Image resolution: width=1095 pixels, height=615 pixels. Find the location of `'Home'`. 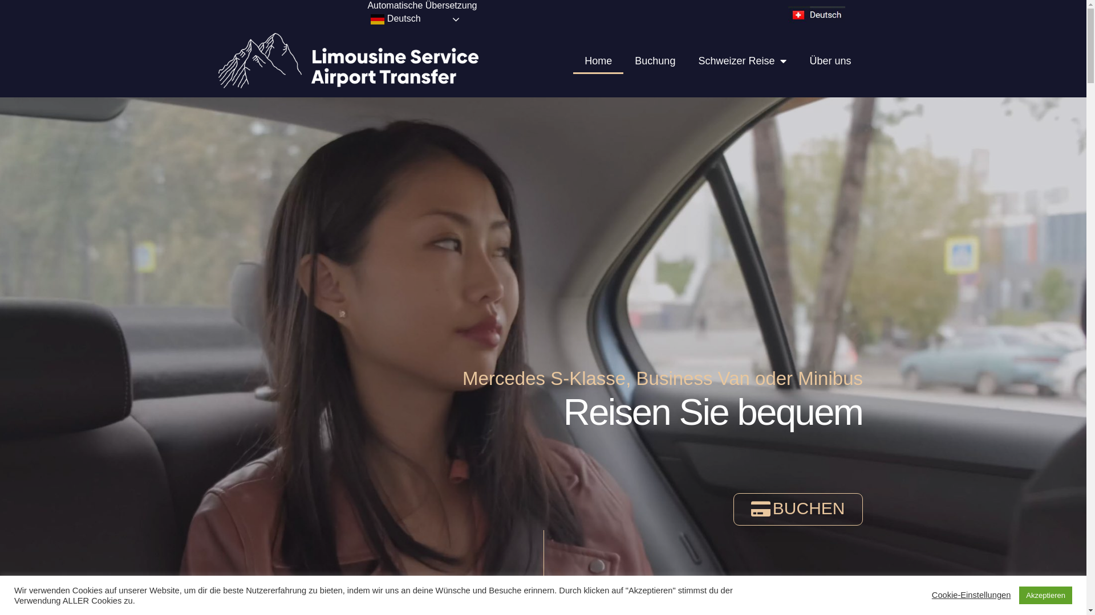

'Home' is located at coordinates (598, 61).